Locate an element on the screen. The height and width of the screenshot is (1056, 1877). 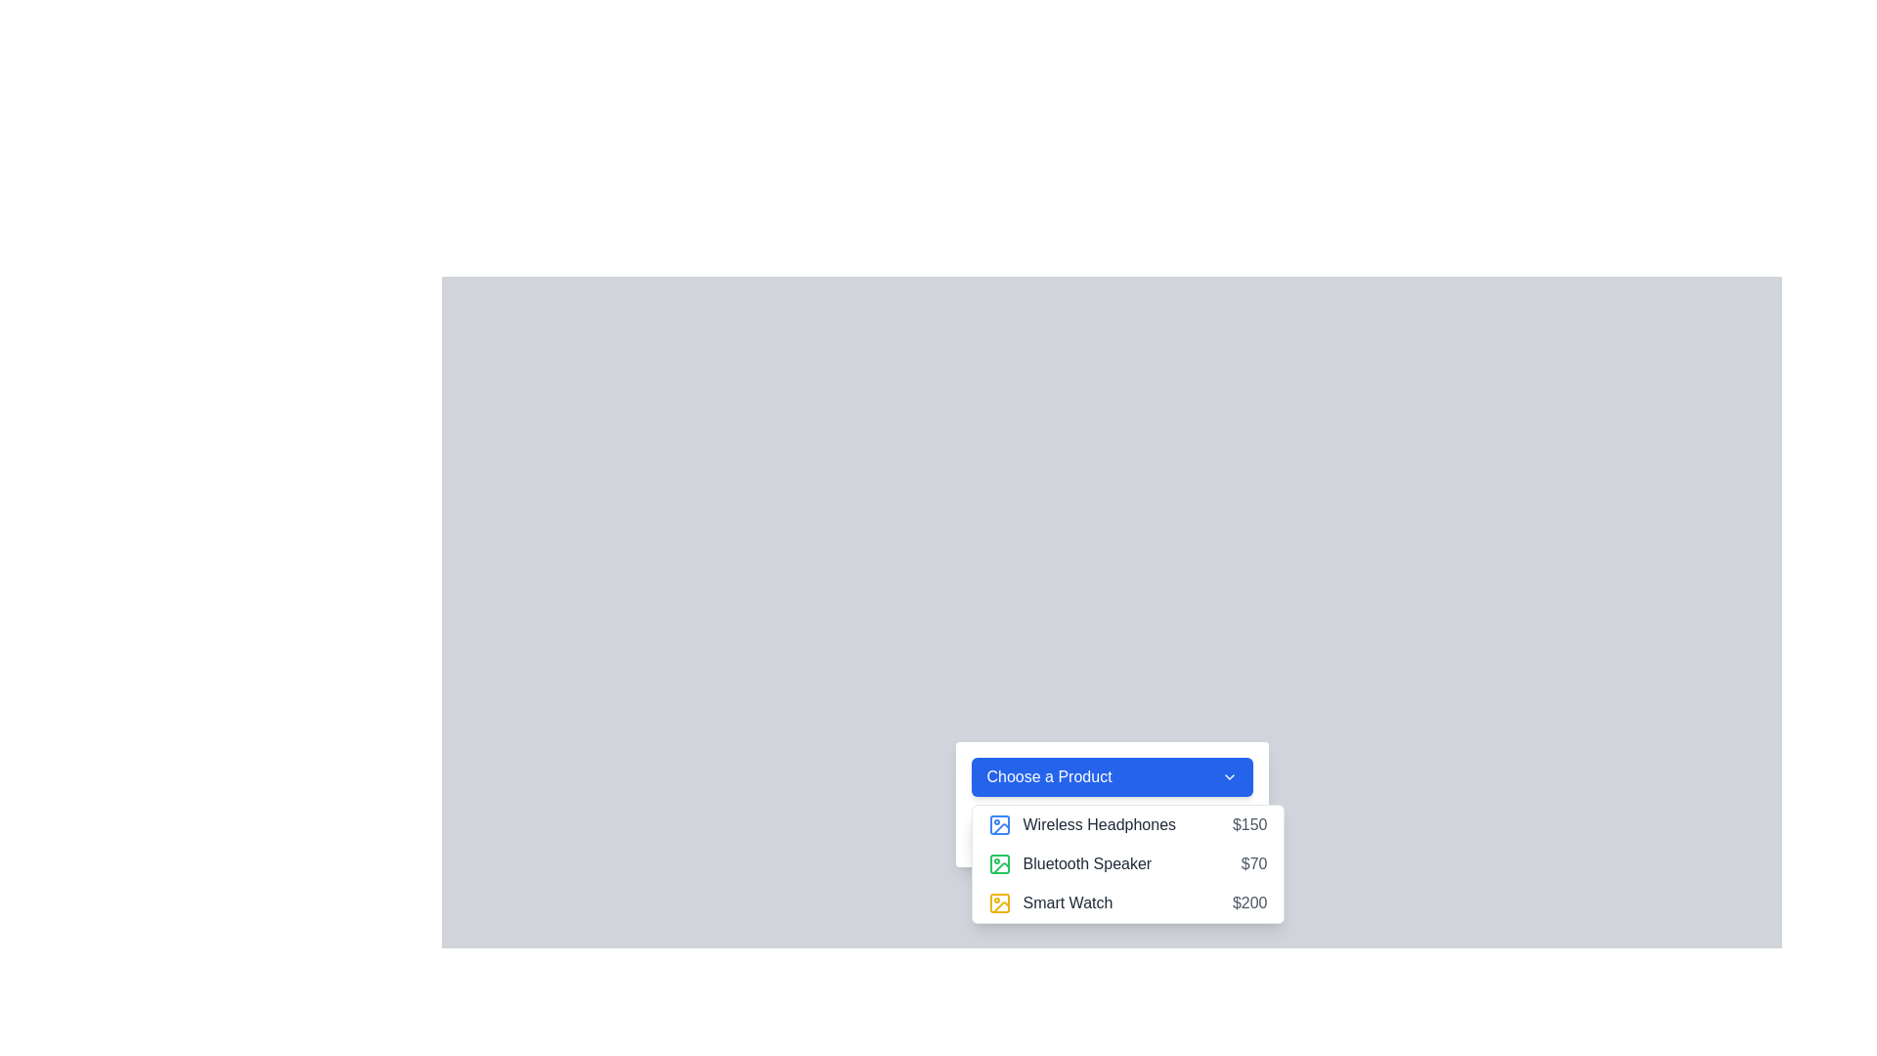
the square icon with a gold border and white background that depicts a mountain range with a sun, located in the third row of the dropdown menu list, preceding the text 'Smart Watch' is located at coordinates (999, 903).